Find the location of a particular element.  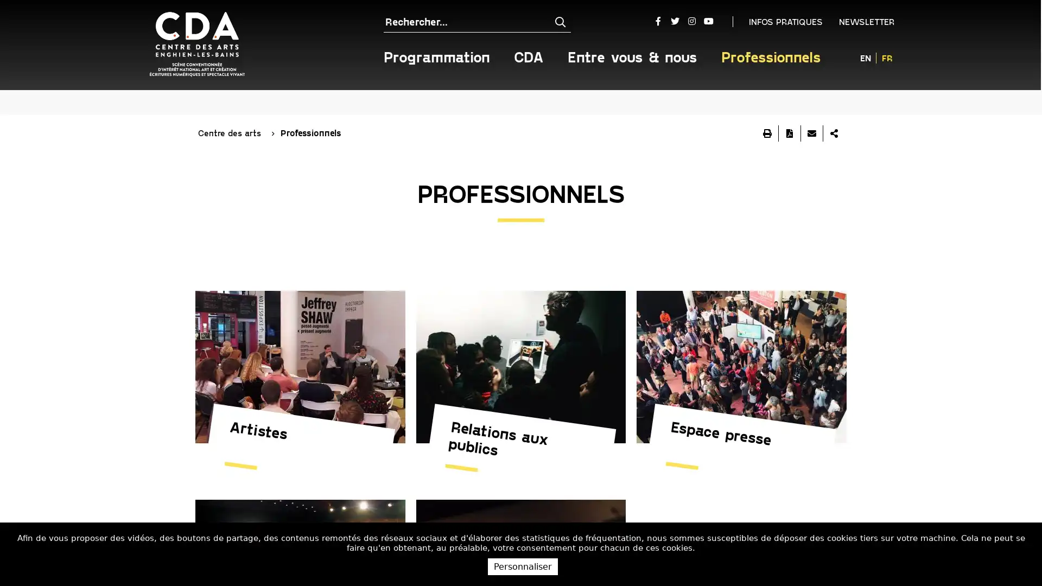

Rechercher sur tout le site is located at coordinates (549, 21).